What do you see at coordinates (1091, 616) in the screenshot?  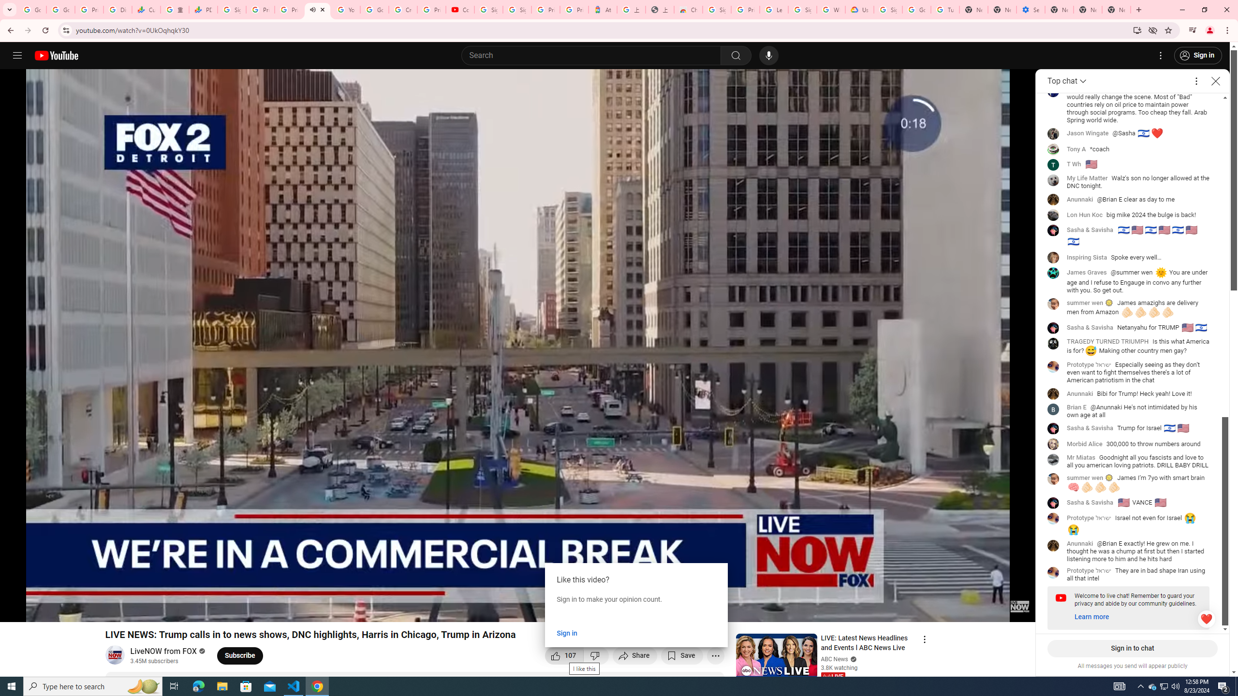 I see `'Learn more'` at bounding box center [1091, 616].